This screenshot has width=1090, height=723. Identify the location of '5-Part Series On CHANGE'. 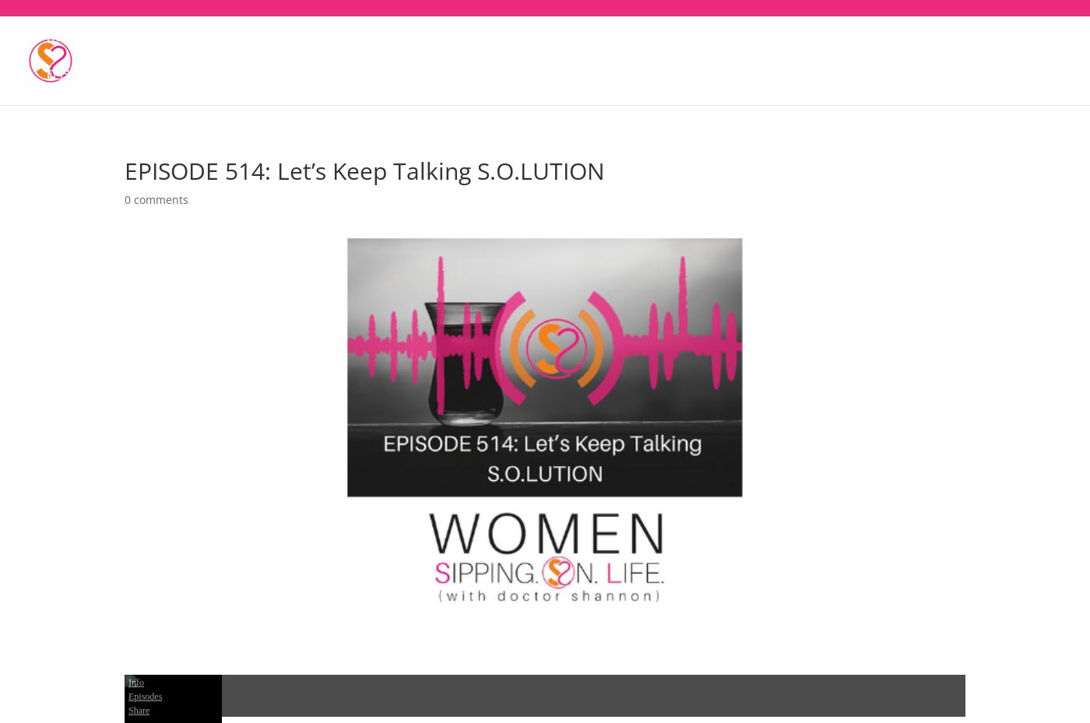
(575, 46).